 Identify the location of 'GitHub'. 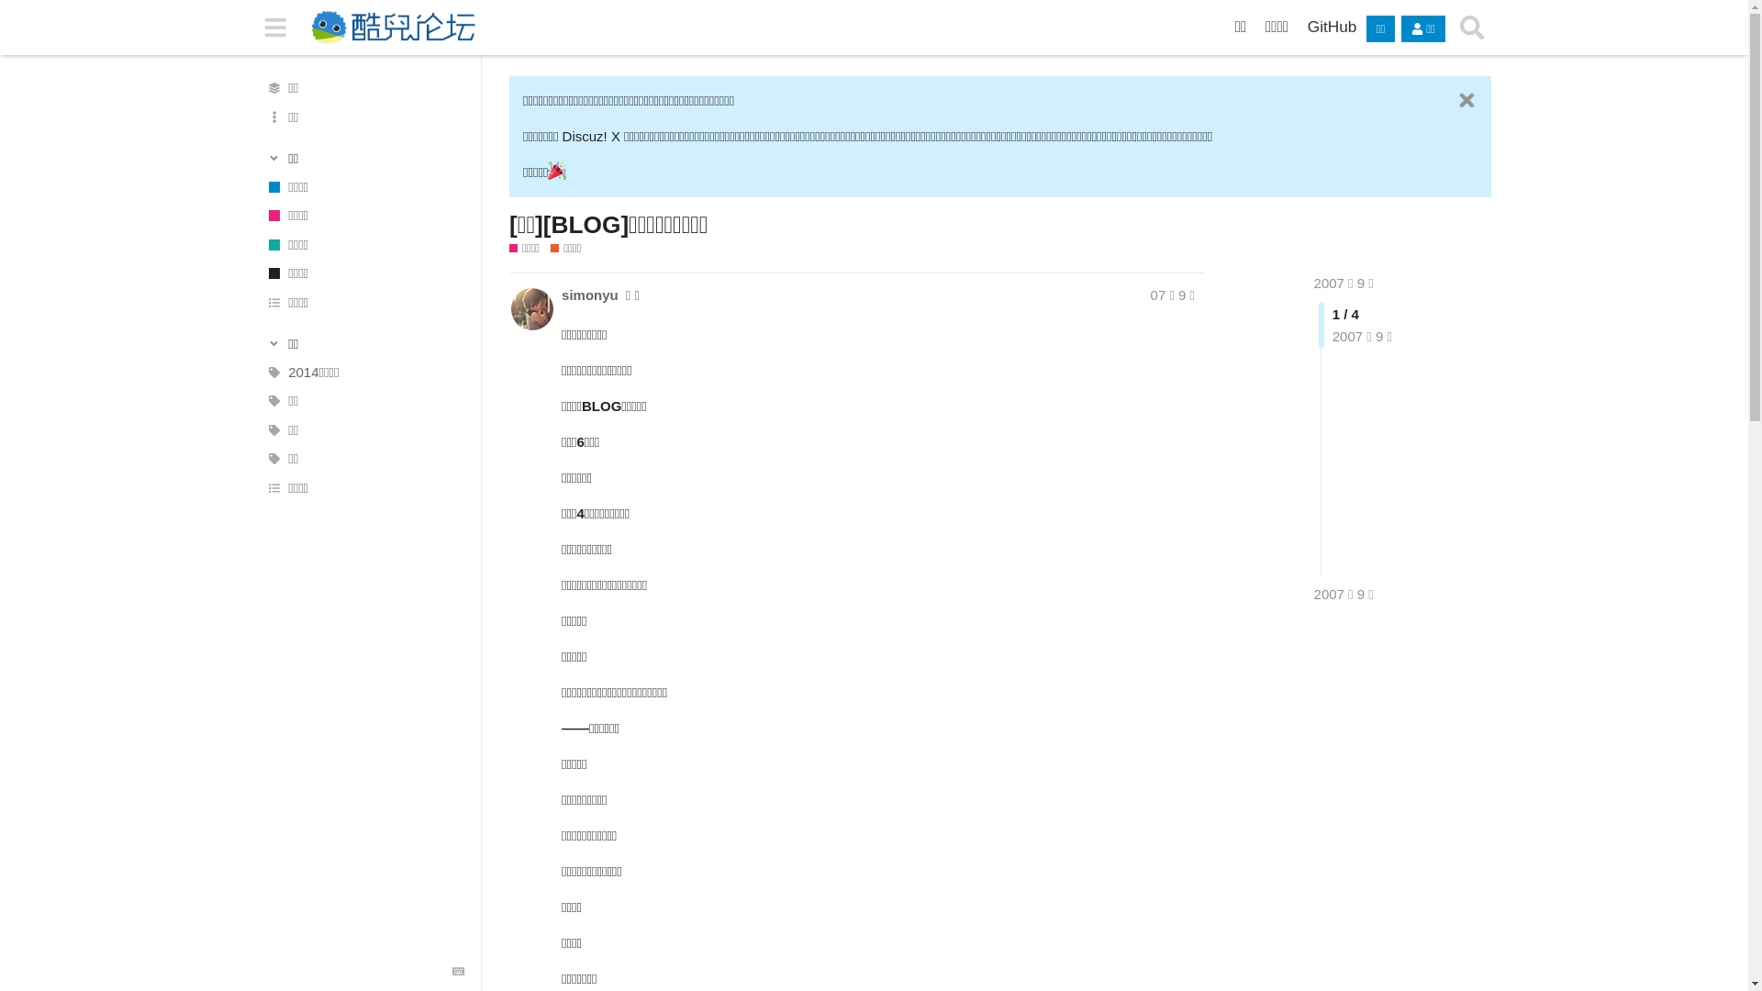
(1331, 27).